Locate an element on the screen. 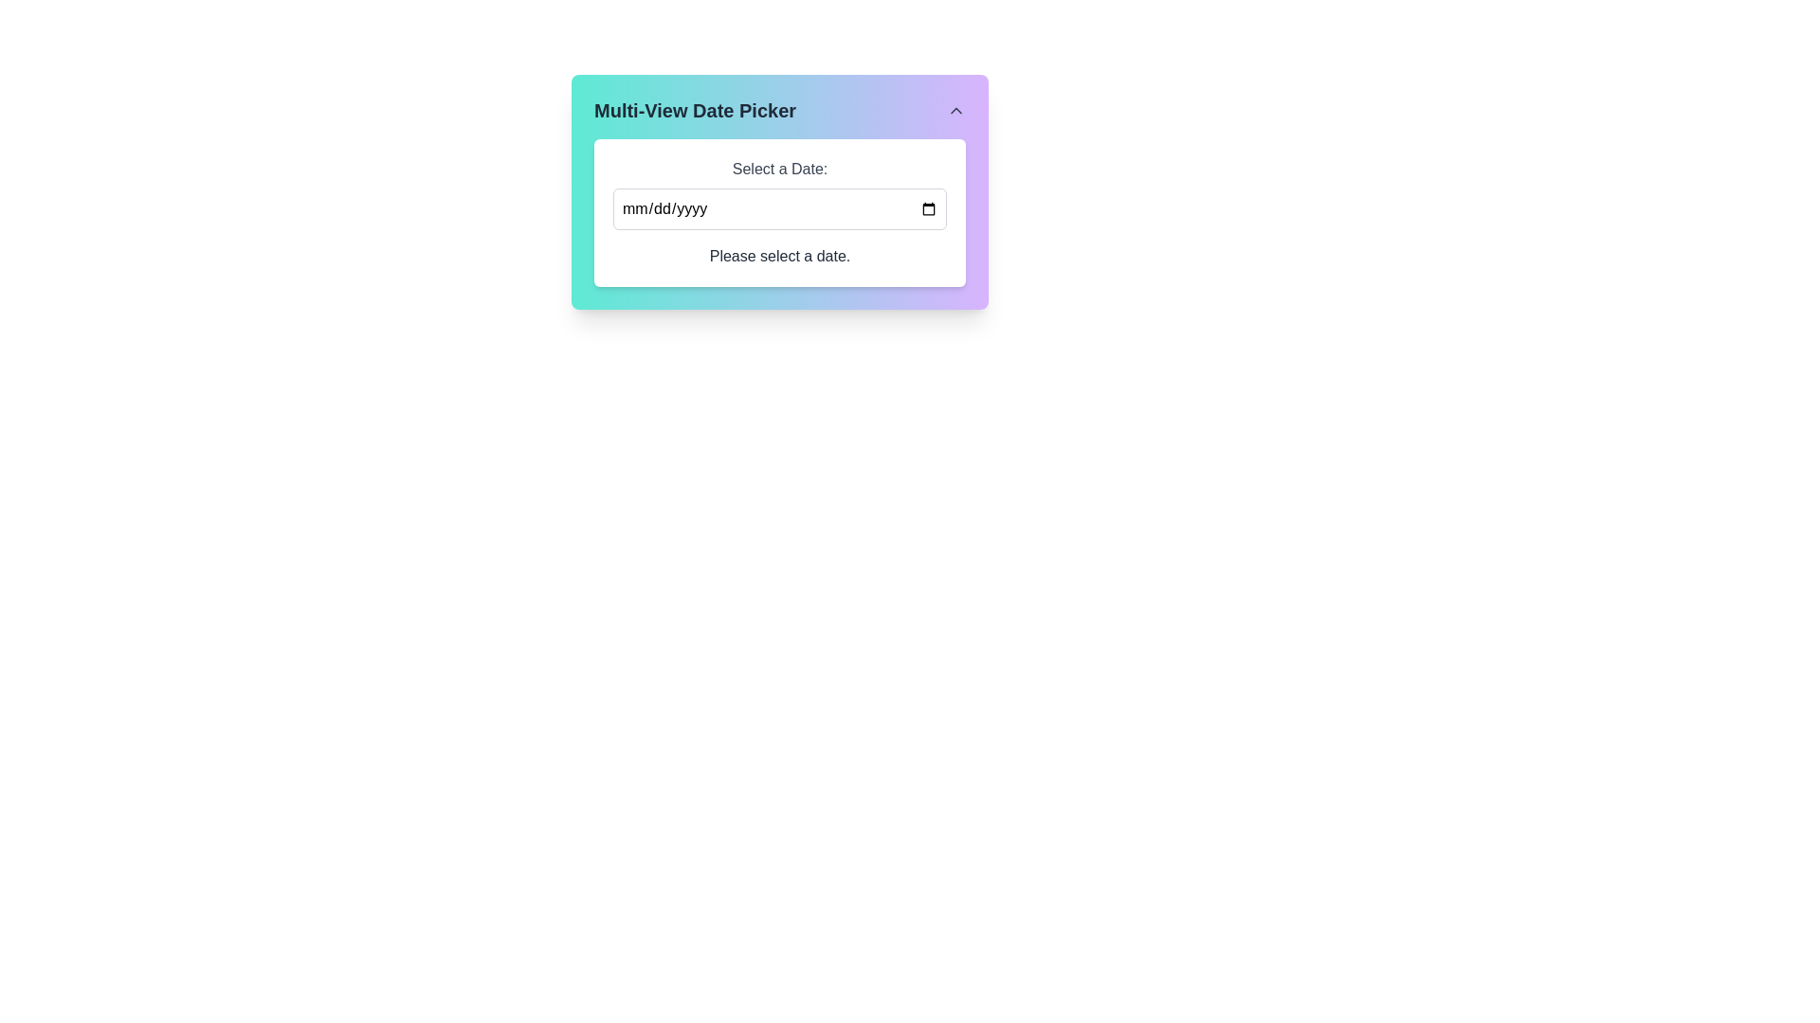  the Text label that instructs the user to select a date, located below the 'Select a Date:' label and the date input field is located at coordinates (779, 256).